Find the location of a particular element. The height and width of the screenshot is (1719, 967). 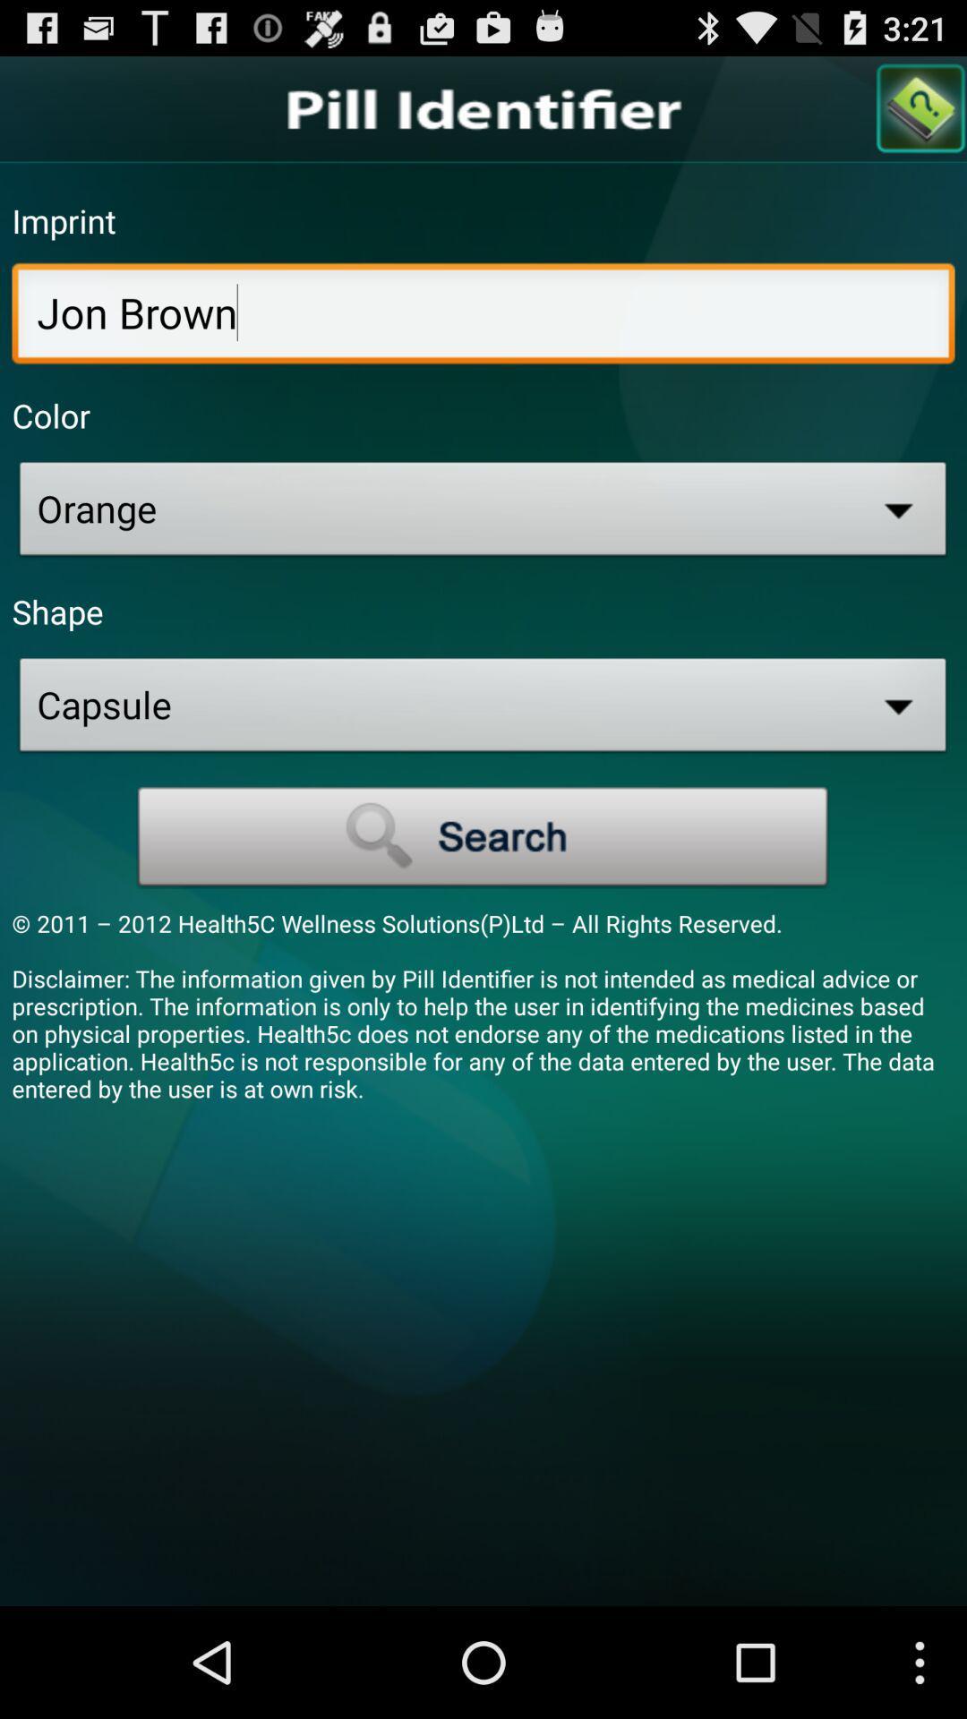

search box is located at coordinates (483, 836).